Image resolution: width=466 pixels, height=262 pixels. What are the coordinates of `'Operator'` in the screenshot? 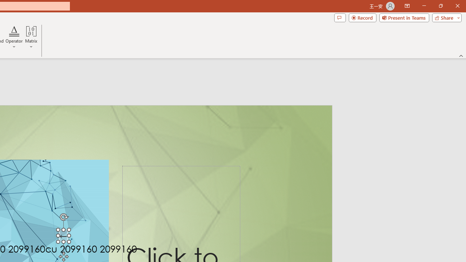 It's located at (14, 37).